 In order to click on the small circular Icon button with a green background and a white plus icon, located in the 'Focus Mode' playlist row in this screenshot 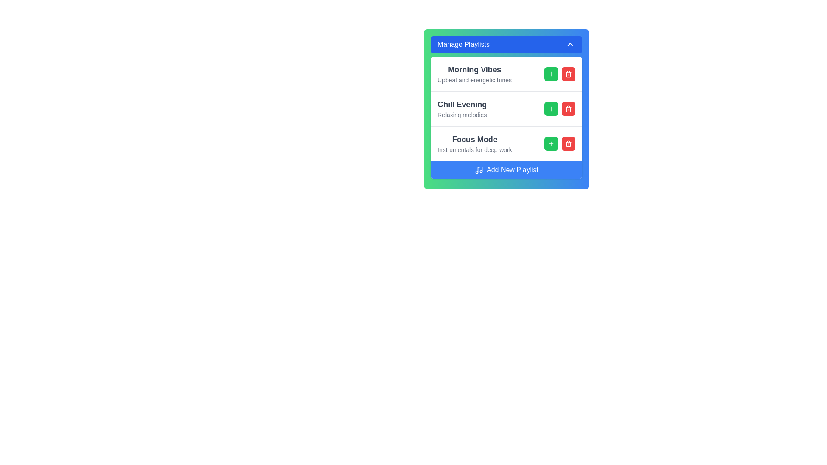, I will do `click(551, 143)`.